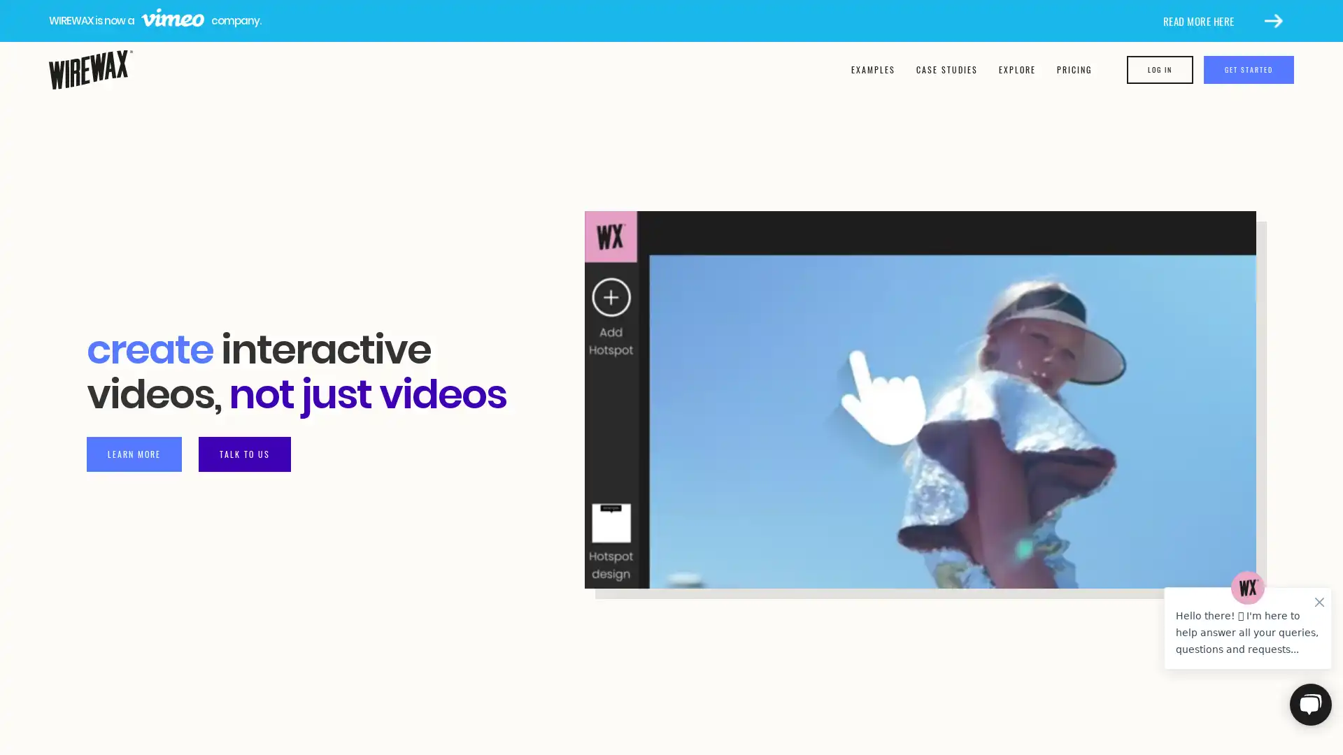 The height and width of the screenshot is (755, 1343). Describe the element at coordinates (1160, 70) in the screenshot. I see `LOG IN` at that location.